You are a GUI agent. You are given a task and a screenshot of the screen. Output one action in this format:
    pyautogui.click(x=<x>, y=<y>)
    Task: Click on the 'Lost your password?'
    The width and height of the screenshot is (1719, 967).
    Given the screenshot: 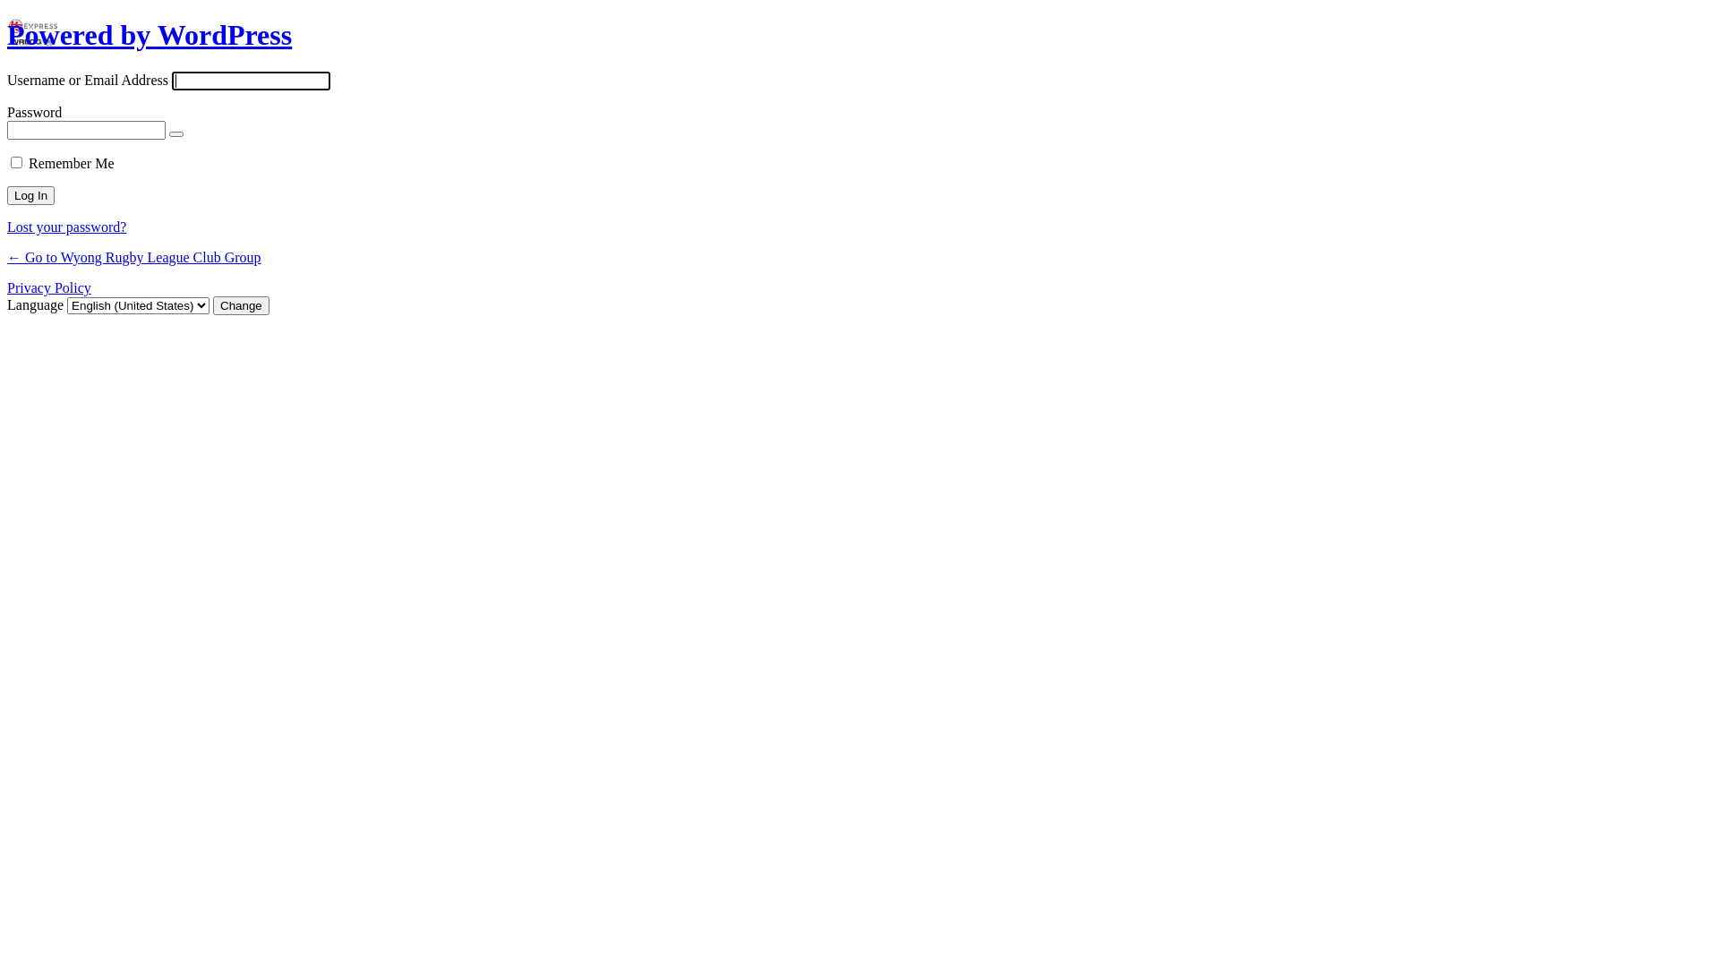 What is the action you would take?
    pyautogui.click(x=66, y=226)
    